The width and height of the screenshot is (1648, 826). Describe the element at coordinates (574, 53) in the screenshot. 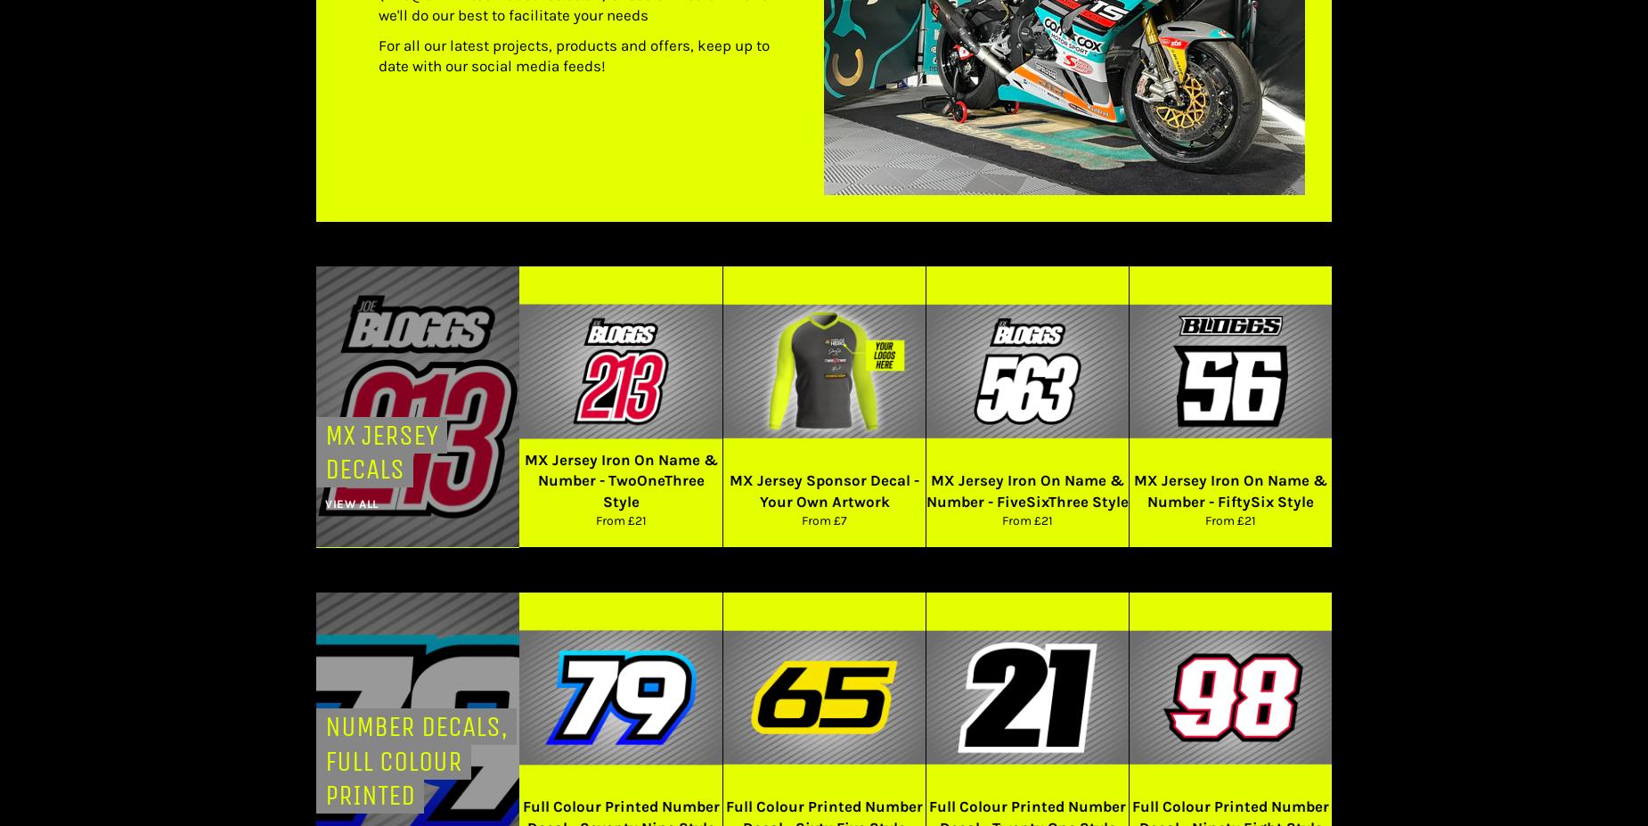

I see `'For all our latest projects, products and offers, keep up to date with our social media feeds!'` at that location.